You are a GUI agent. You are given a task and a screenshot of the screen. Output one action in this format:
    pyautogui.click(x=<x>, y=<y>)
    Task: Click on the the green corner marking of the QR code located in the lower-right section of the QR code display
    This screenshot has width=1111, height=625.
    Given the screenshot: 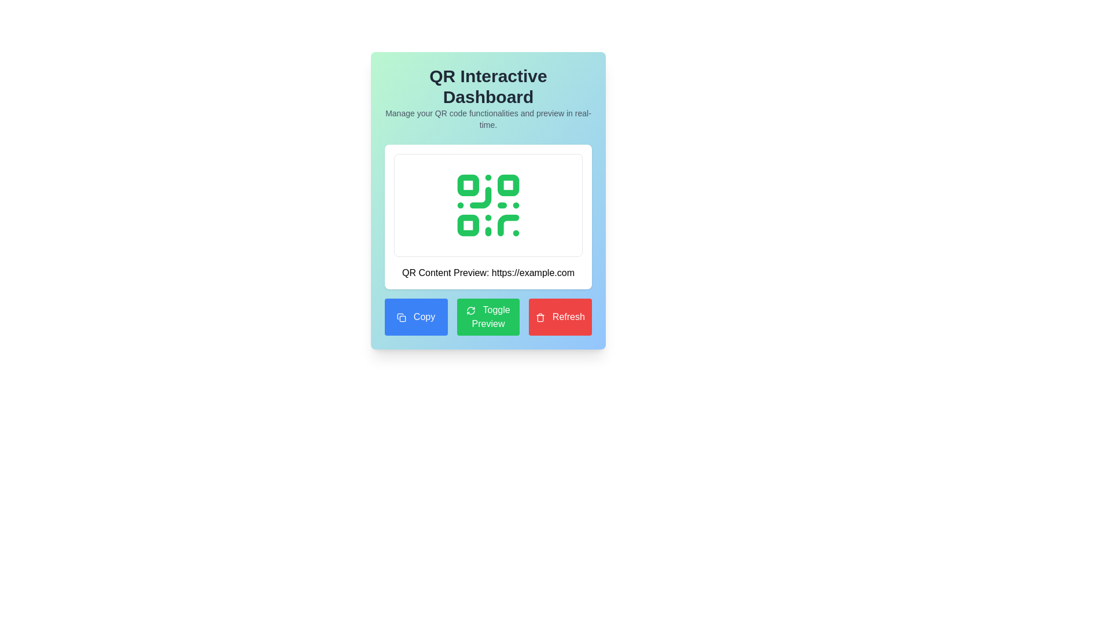 What is the action you would take?
    pyautogui.click(x=508, y=225)
    